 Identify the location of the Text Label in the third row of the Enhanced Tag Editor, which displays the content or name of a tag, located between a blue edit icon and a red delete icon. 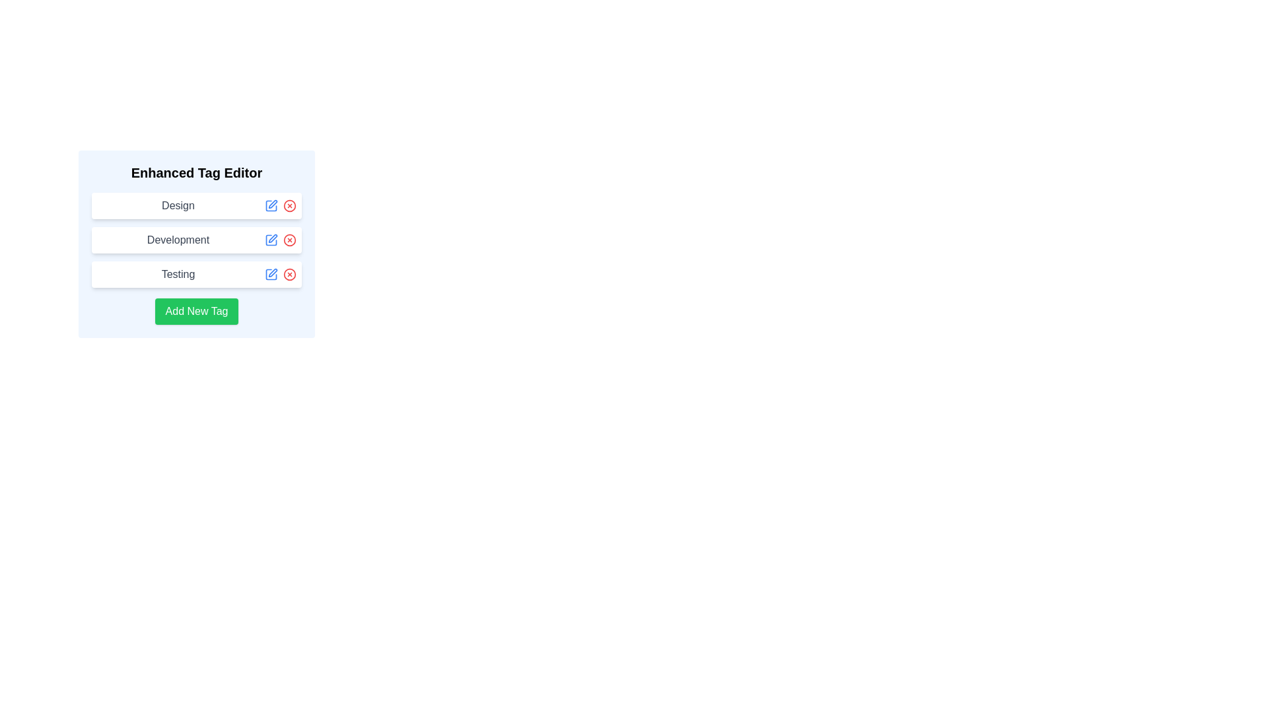
(177, 274).